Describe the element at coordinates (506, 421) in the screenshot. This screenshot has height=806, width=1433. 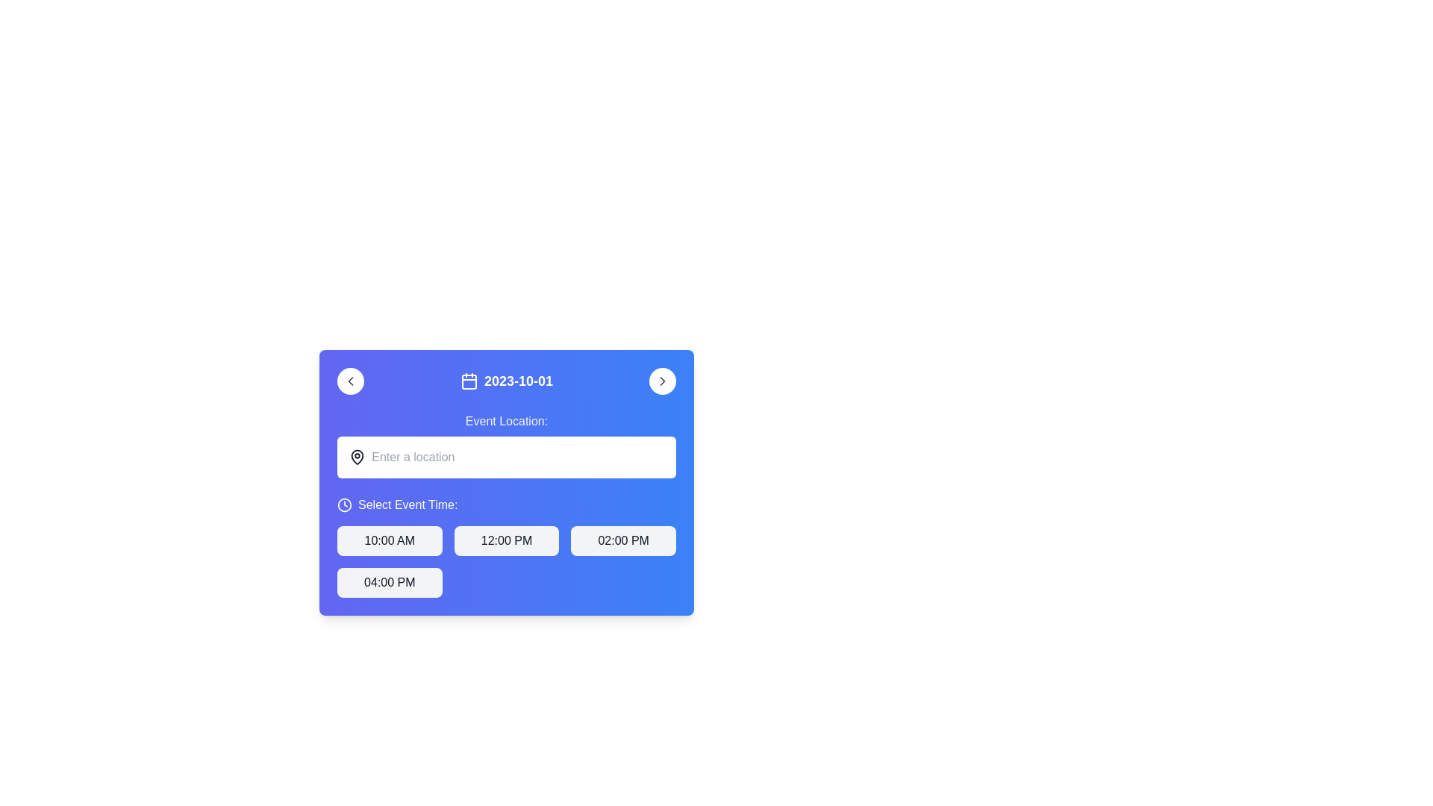
I see `the static text label that displays 'Event Location:', which is styled in gray and positioned above the input box` at that location.